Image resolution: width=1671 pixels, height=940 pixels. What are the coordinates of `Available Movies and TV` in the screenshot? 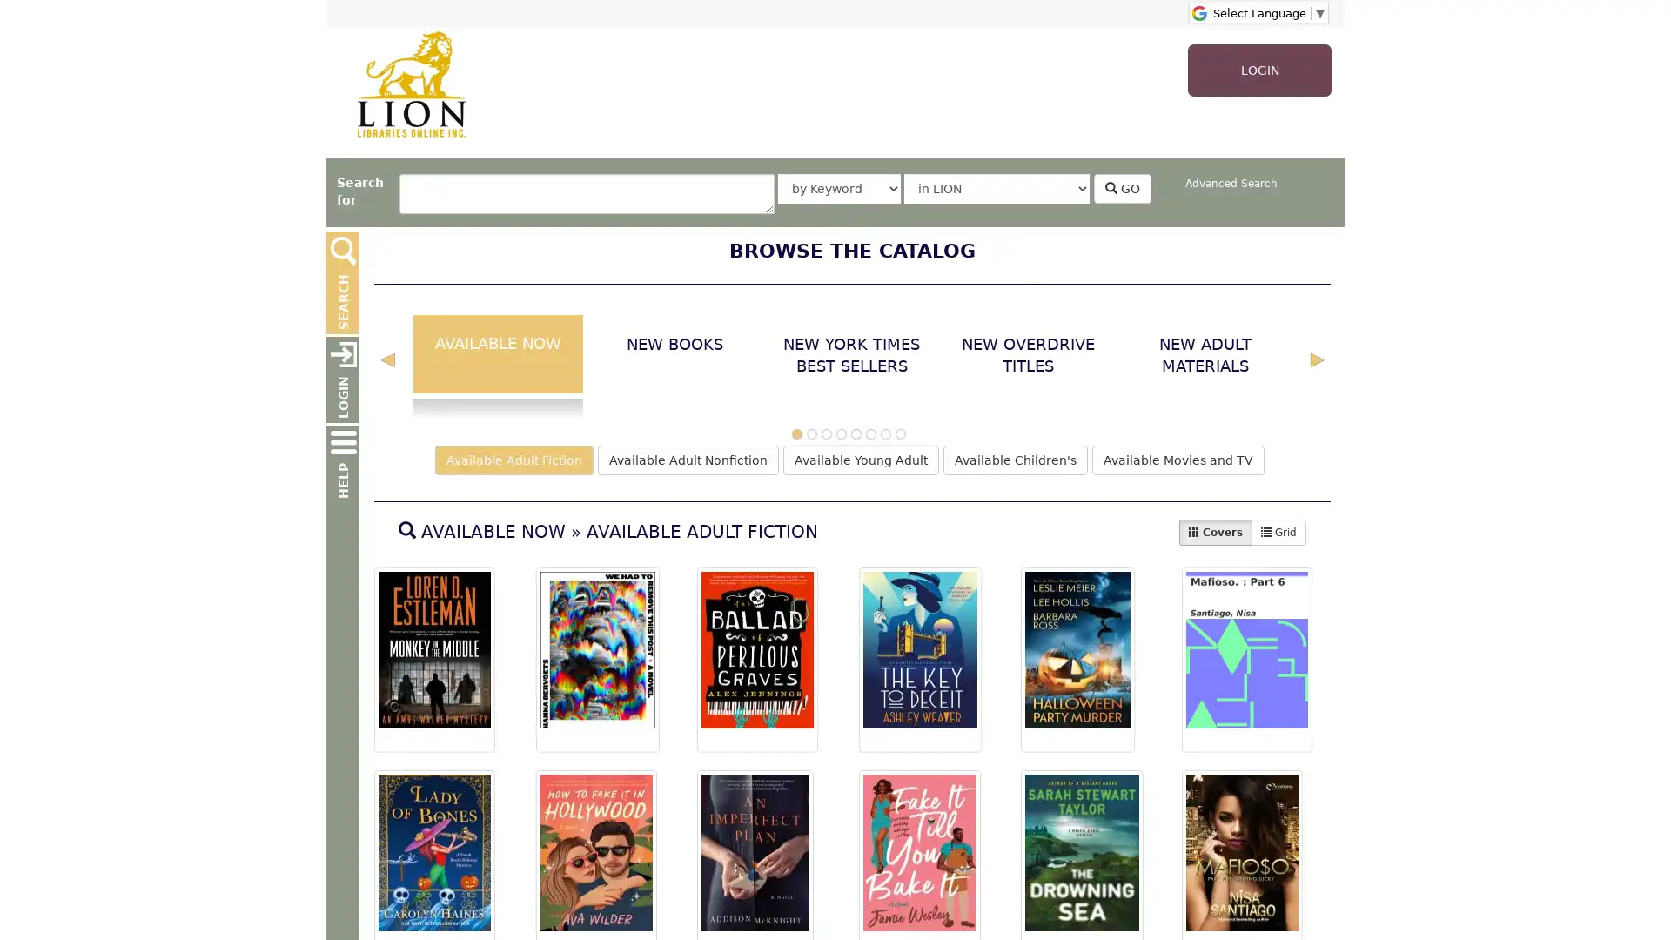 It's located at (1178, 459).